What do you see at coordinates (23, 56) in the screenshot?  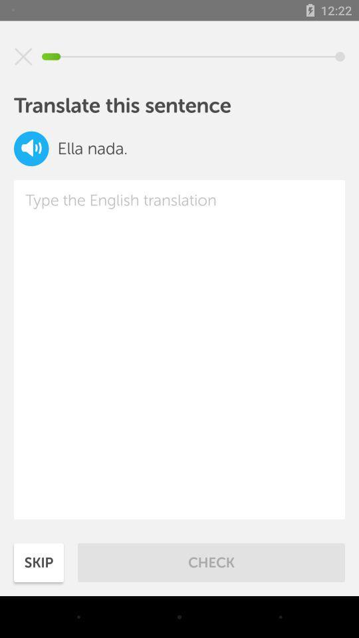 I see `button` at bounding box center [23, 56].